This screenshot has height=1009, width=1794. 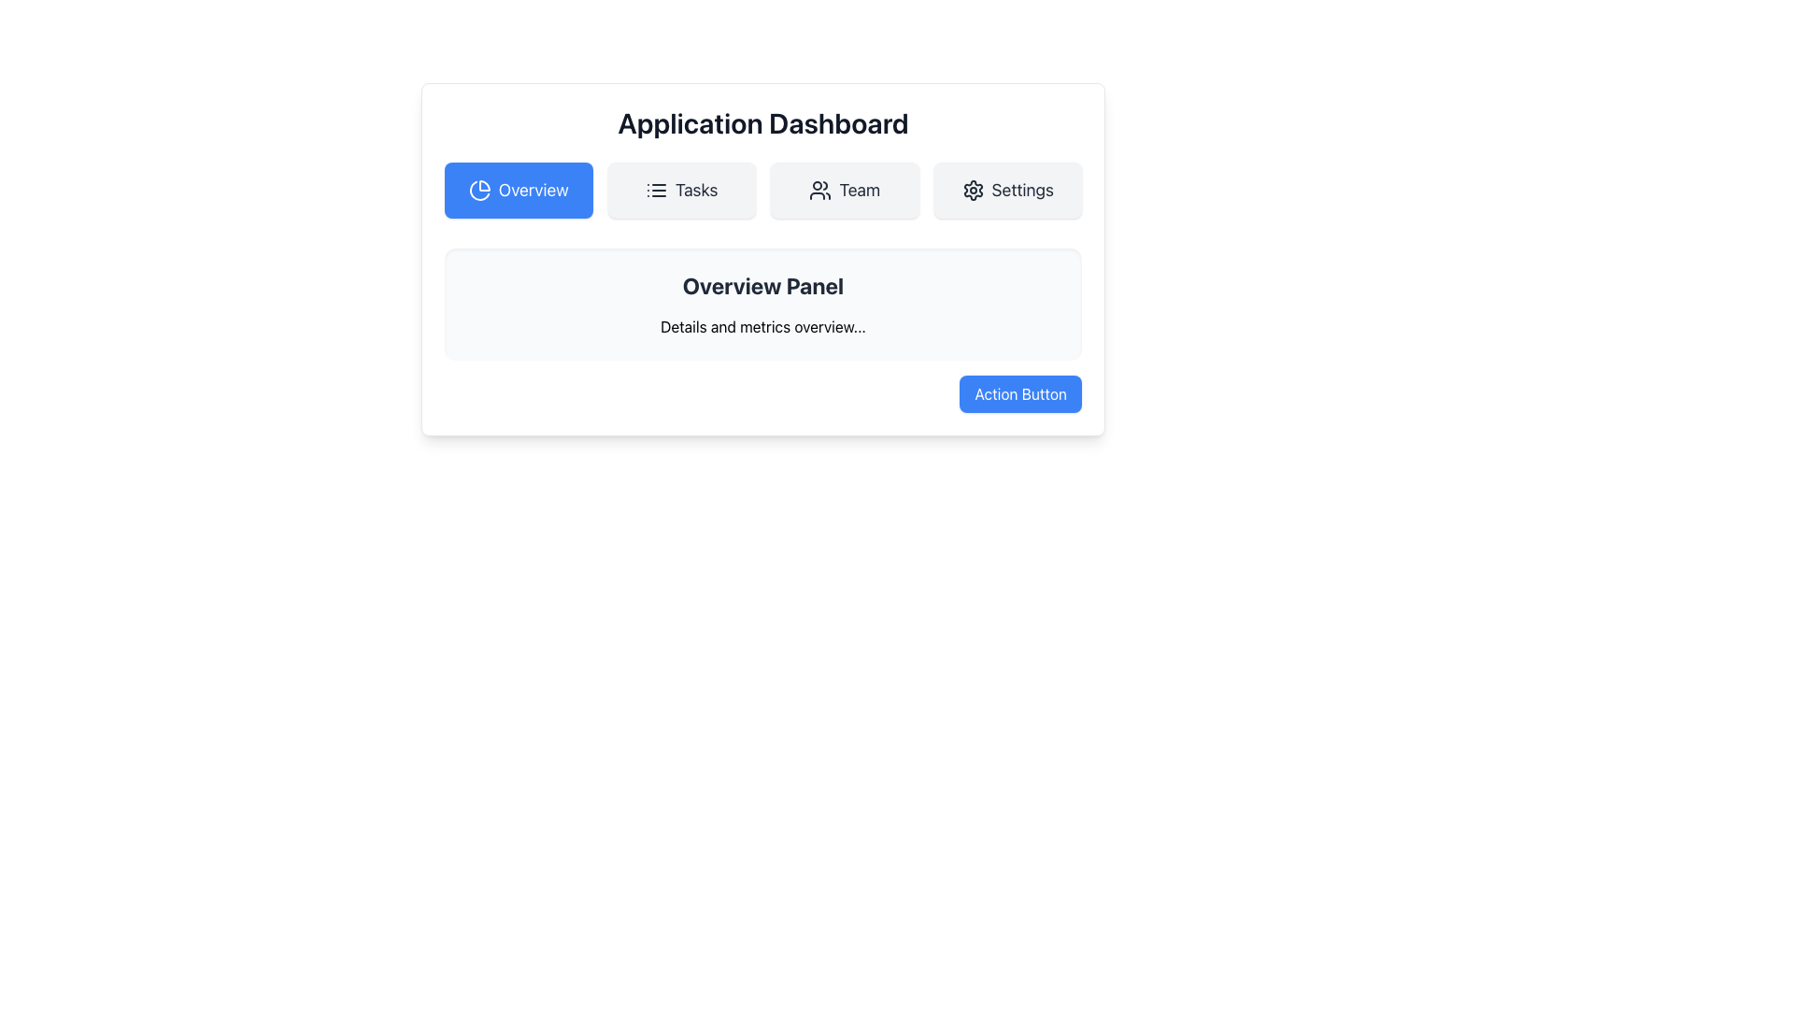 What do you see at coordinates (1006, 191) in the screenshot?
I see `the navigational button for accessing the settings section of the application, located as the fourth item in the top row, to the right of the 'Team' button` at bounding box center [1006, 191].